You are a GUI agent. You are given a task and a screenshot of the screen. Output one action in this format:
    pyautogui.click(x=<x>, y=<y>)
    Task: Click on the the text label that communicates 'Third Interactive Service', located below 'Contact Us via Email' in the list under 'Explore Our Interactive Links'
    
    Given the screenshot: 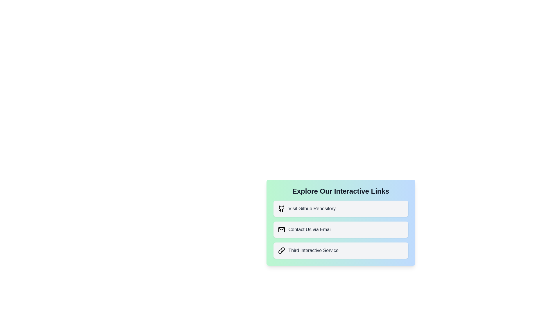 What is the action you would take?
    pyautogui.click(x=313, y=250)
    